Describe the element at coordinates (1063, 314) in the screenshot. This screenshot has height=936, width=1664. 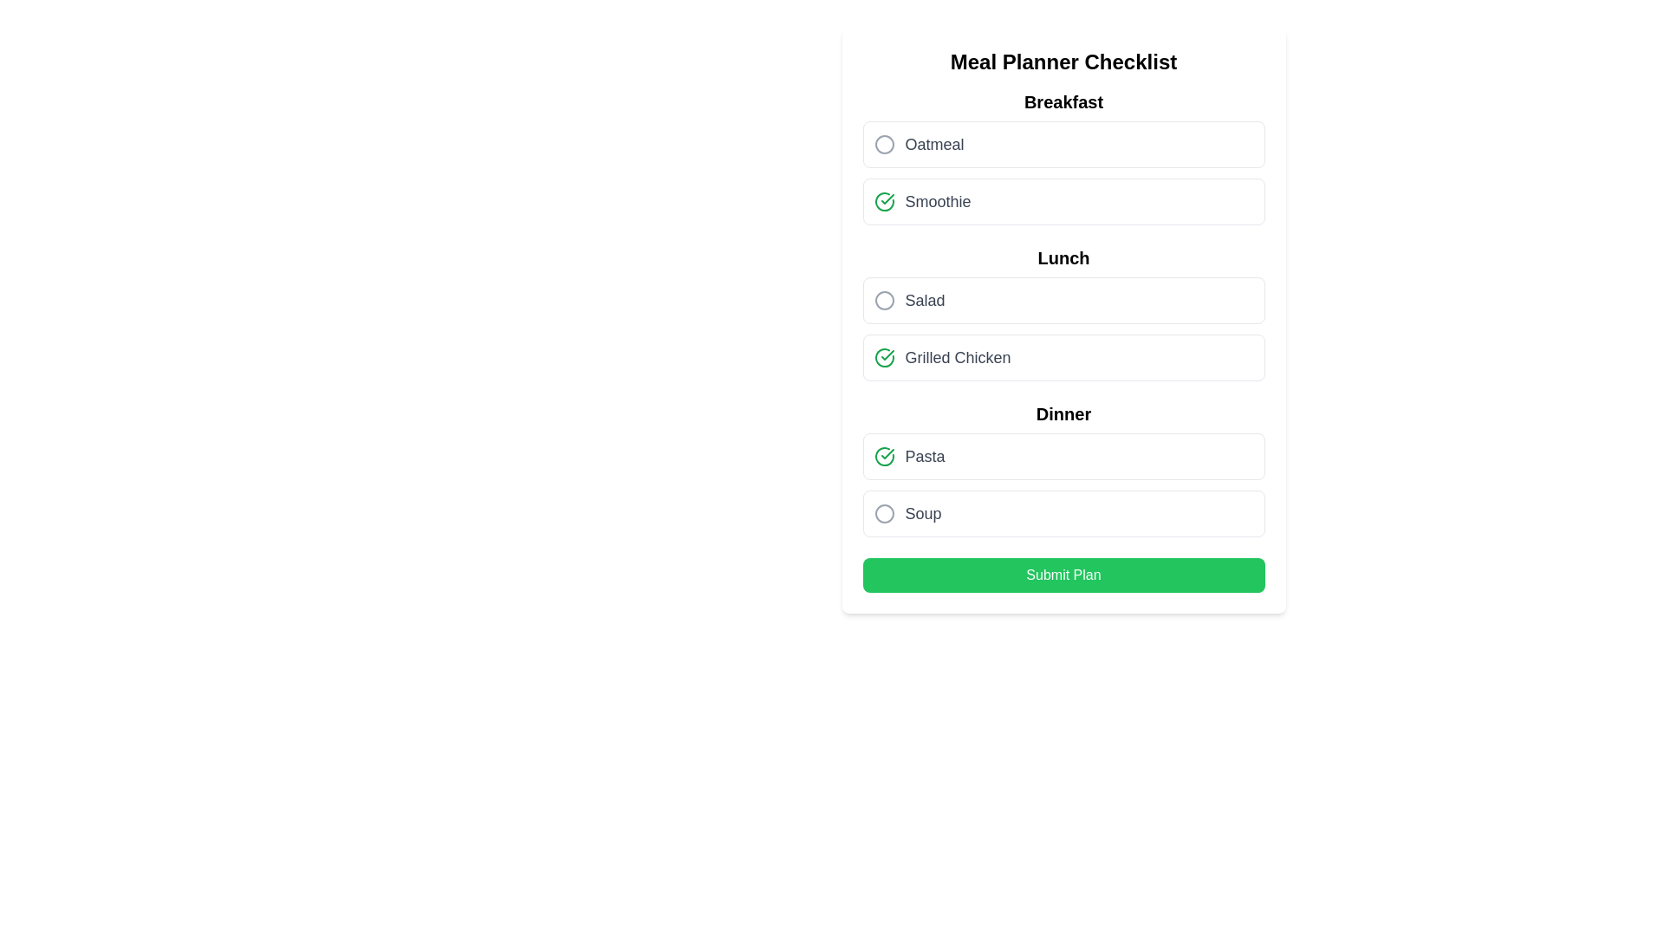
I see `an option in the checklist UI component for visual feedback, specifically targeting the section that includes Breakfast, Lunch, or Dinner options` at that location.